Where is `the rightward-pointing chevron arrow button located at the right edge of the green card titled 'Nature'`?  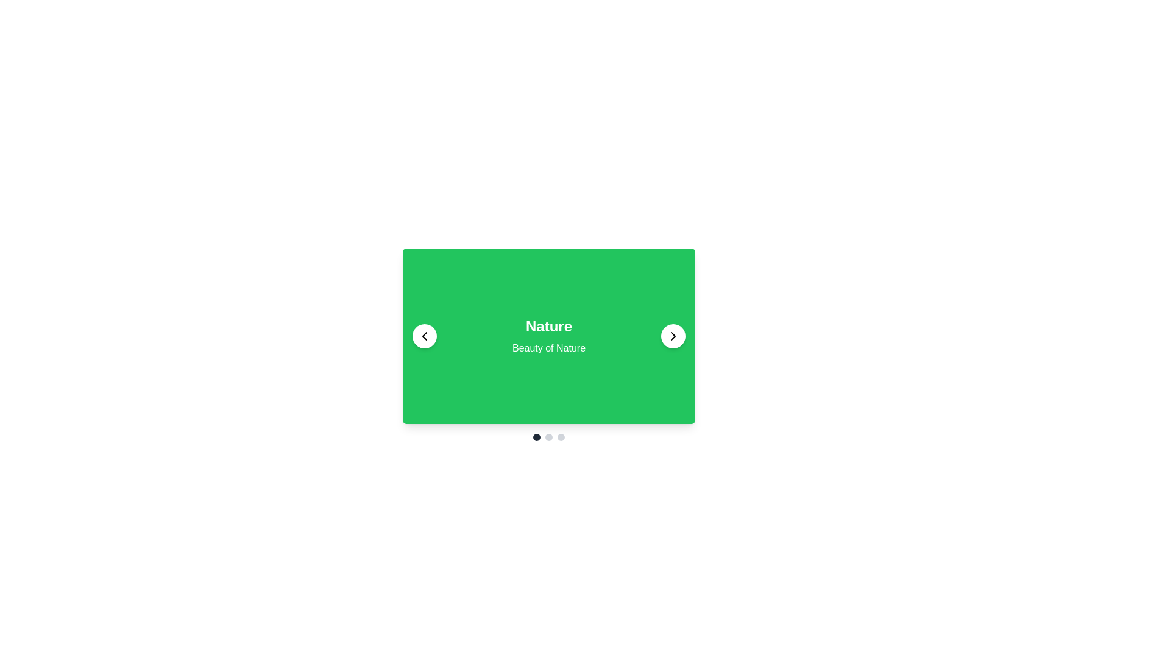 the rightward-pointing chevron arrow button located at the right edge of the green card titled 'Nature' is located at coordinates (672, 336).